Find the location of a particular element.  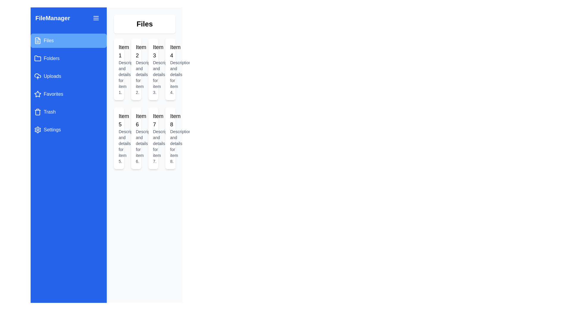

the 'Uploads' icon in the sidebar navigation menu is located at coordinates (37, 76).